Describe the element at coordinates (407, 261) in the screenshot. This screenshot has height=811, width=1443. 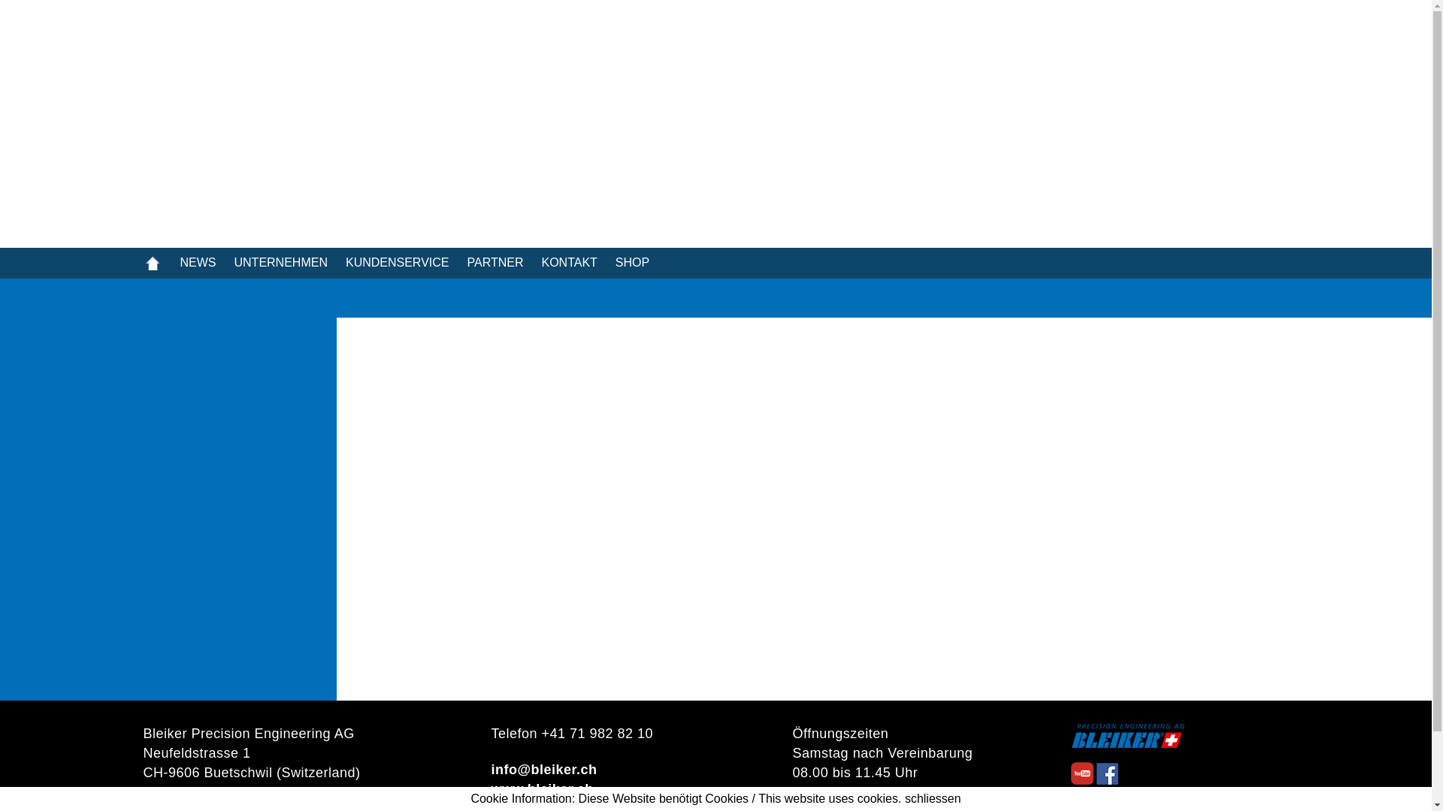
I see `'KUNDENSERVICE'` at that location.